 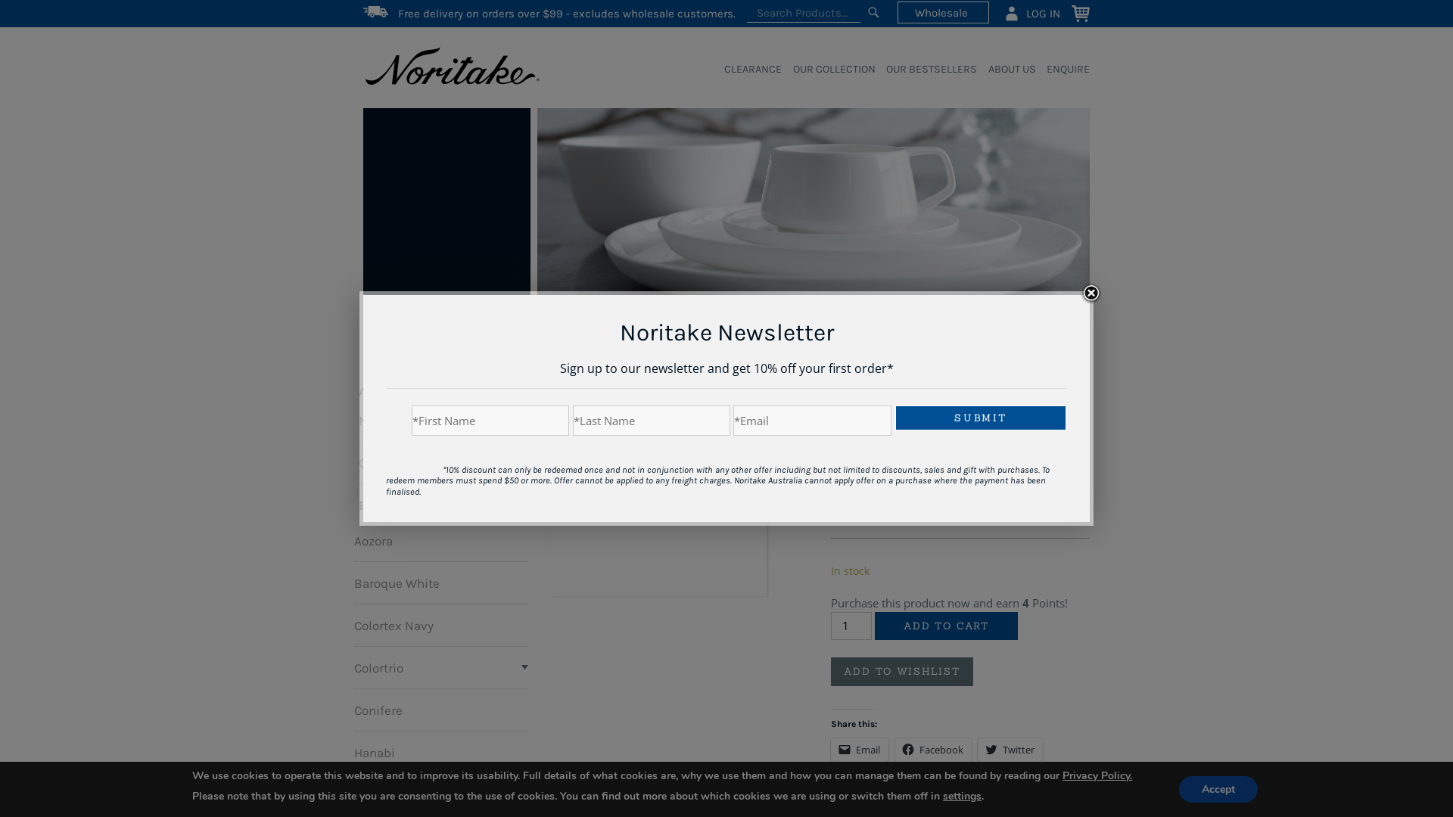 I want to click on 'Colortrio', so click(x=378, y=666).